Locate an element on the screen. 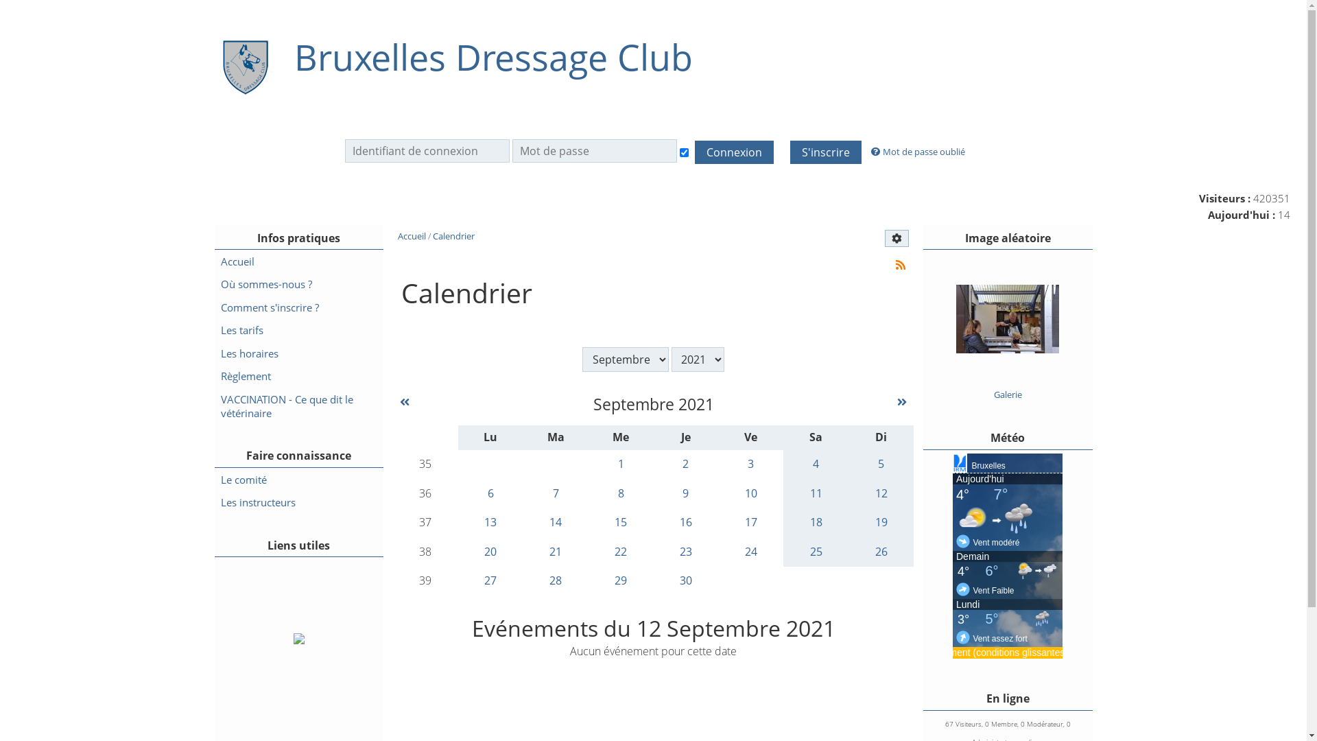 Image resolution: width=1317 pixels, height=741 pixels. 'Bruxelles Dressage Club' is located at coordinates (493, 56).